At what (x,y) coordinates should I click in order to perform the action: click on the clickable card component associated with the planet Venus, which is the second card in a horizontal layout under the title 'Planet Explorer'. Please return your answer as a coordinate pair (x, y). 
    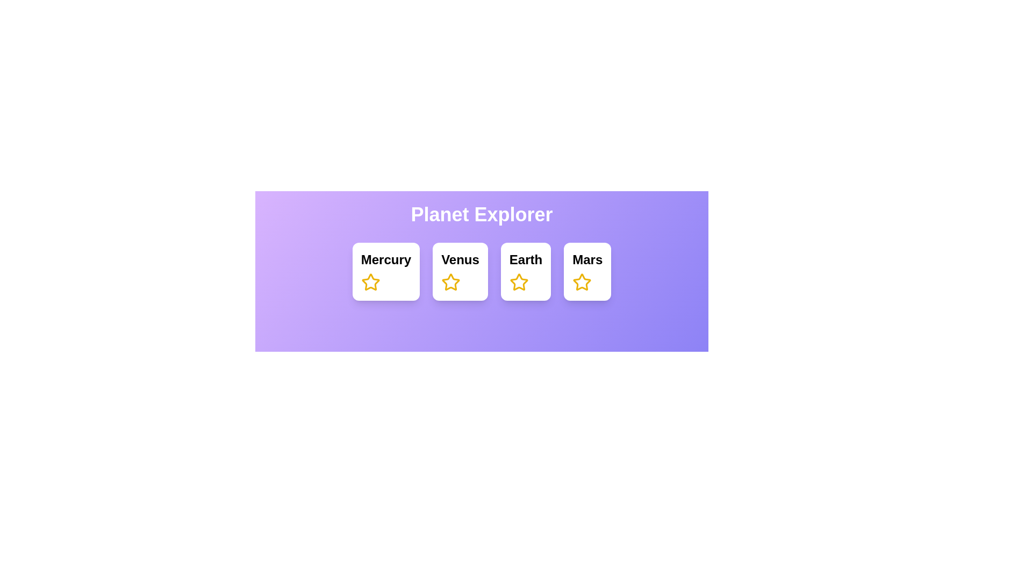
    Looking at the image, I should click on (481, 271).